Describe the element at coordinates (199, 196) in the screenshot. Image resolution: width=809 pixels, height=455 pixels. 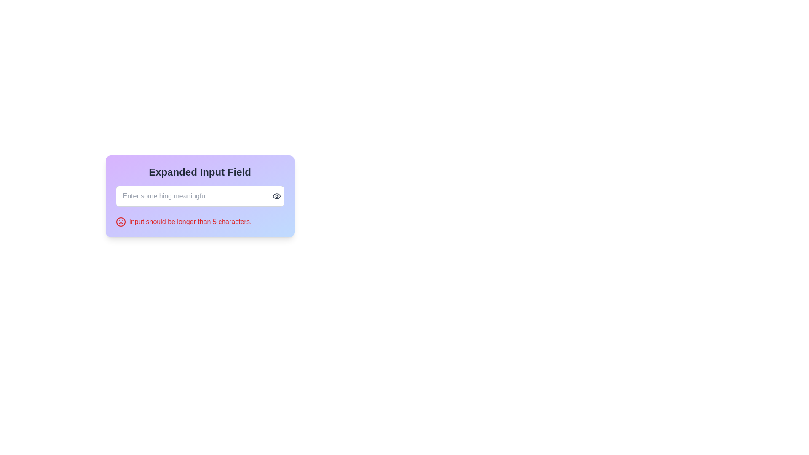
I see `to focus on the password input field located in the middle section of the card under the 'Expanded Input Field' header` at that location.